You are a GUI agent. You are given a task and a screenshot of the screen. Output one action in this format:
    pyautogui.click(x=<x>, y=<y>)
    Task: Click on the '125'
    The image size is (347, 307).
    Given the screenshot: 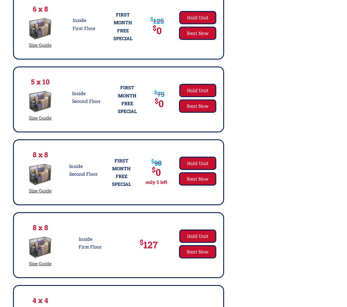 What is the action you would take?
    pyautogui.click(x=158, y=21)
    